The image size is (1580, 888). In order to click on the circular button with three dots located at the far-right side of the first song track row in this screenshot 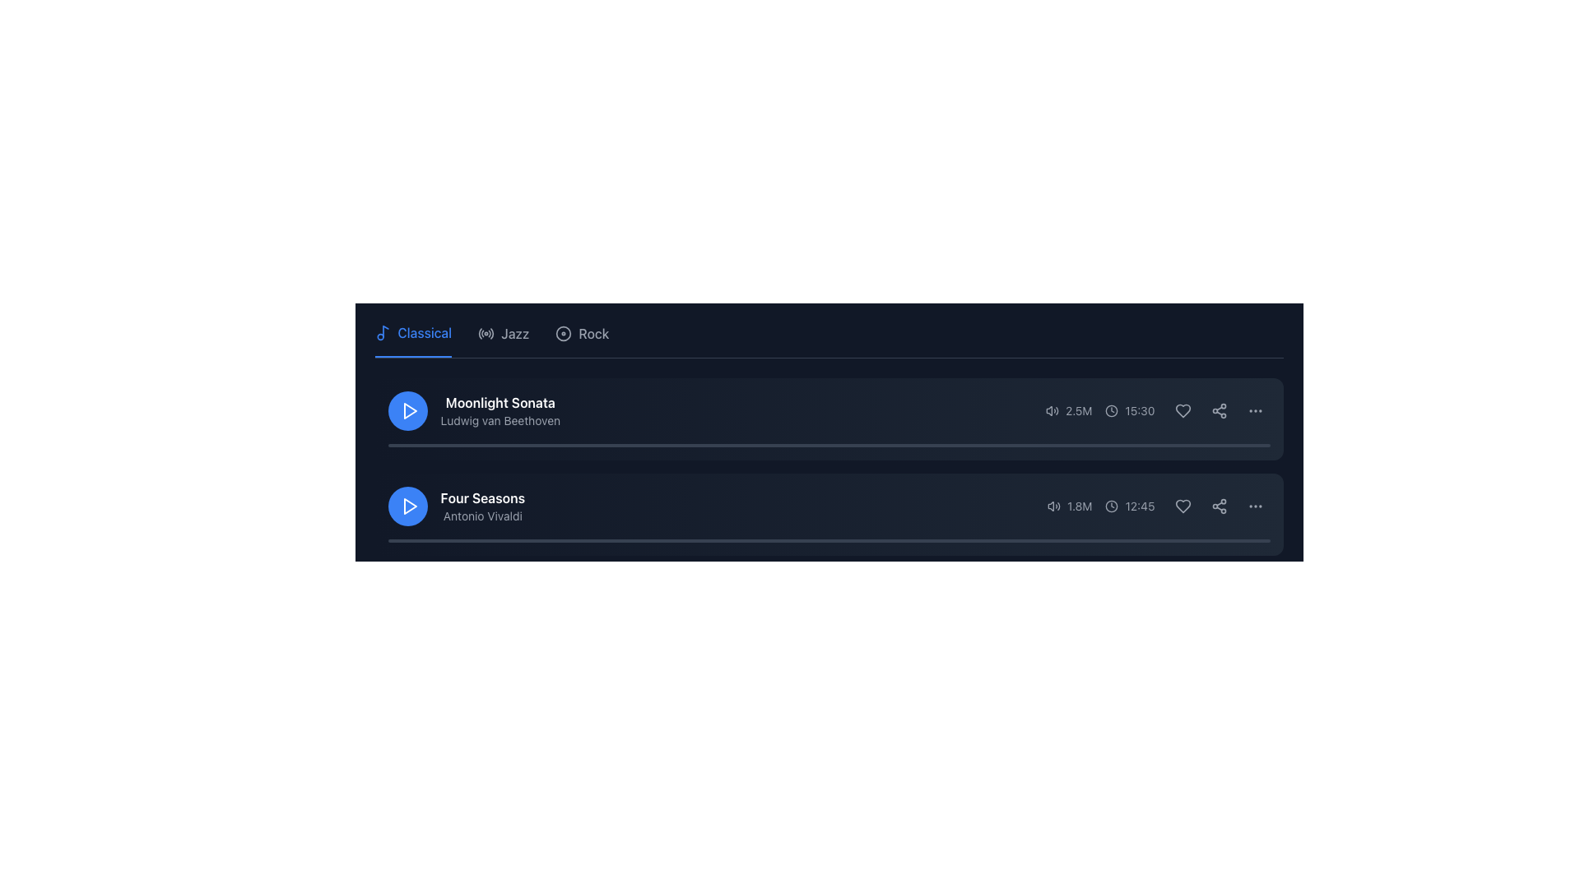, I will do `click(1254, 410)`.